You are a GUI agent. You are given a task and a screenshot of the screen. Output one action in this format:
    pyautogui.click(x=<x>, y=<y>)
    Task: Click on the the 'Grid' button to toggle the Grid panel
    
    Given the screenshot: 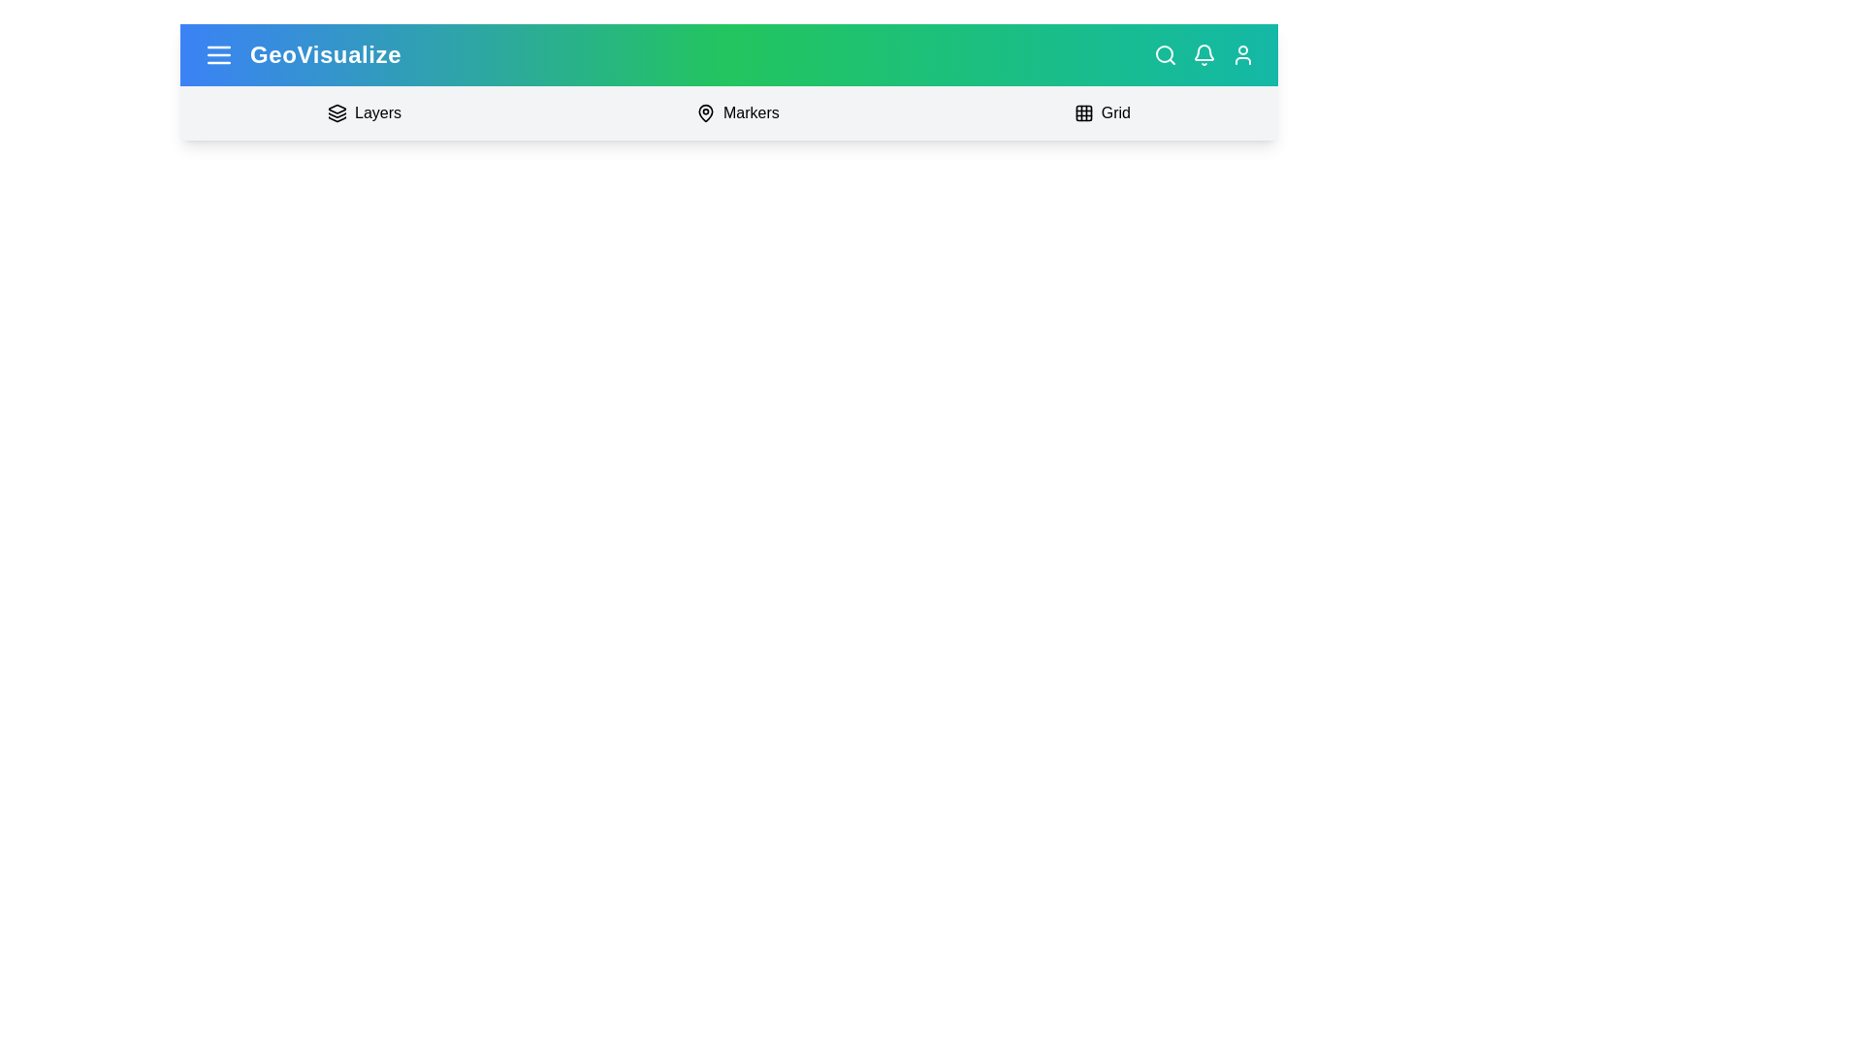 What is the action you would take?
    pyautogui.click(x=1102, y=112)
    